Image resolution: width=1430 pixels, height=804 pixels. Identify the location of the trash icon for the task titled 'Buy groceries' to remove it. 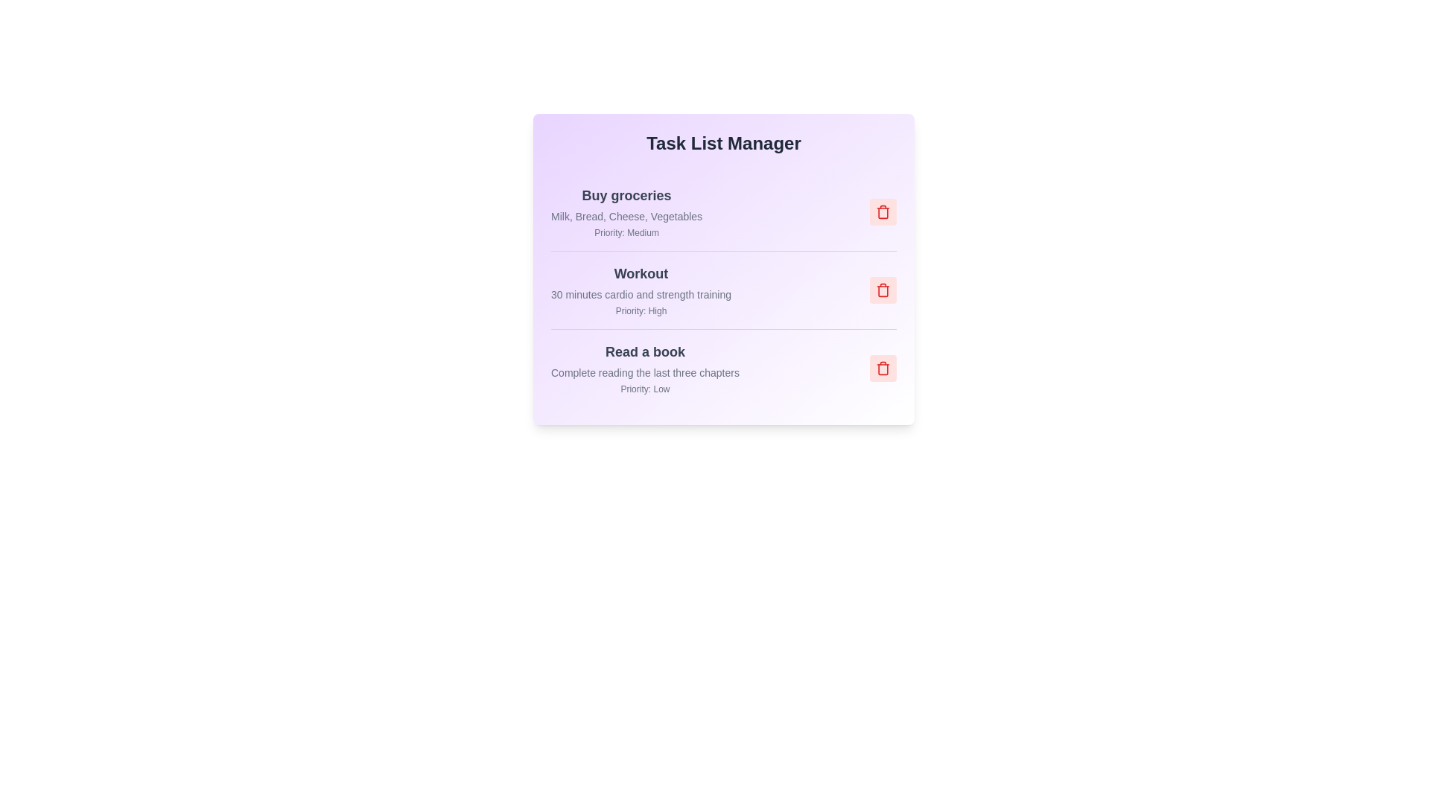
(883, 212).